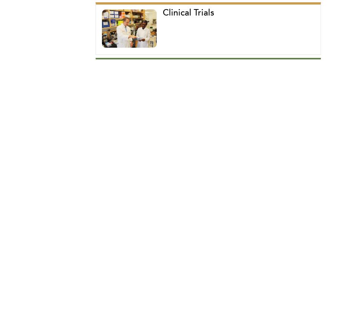 The image size is (341, 319). What do you see at coordinates (134, 143) in the screenshot?
I see `'Learn More'` at bounding box center [134, 143].